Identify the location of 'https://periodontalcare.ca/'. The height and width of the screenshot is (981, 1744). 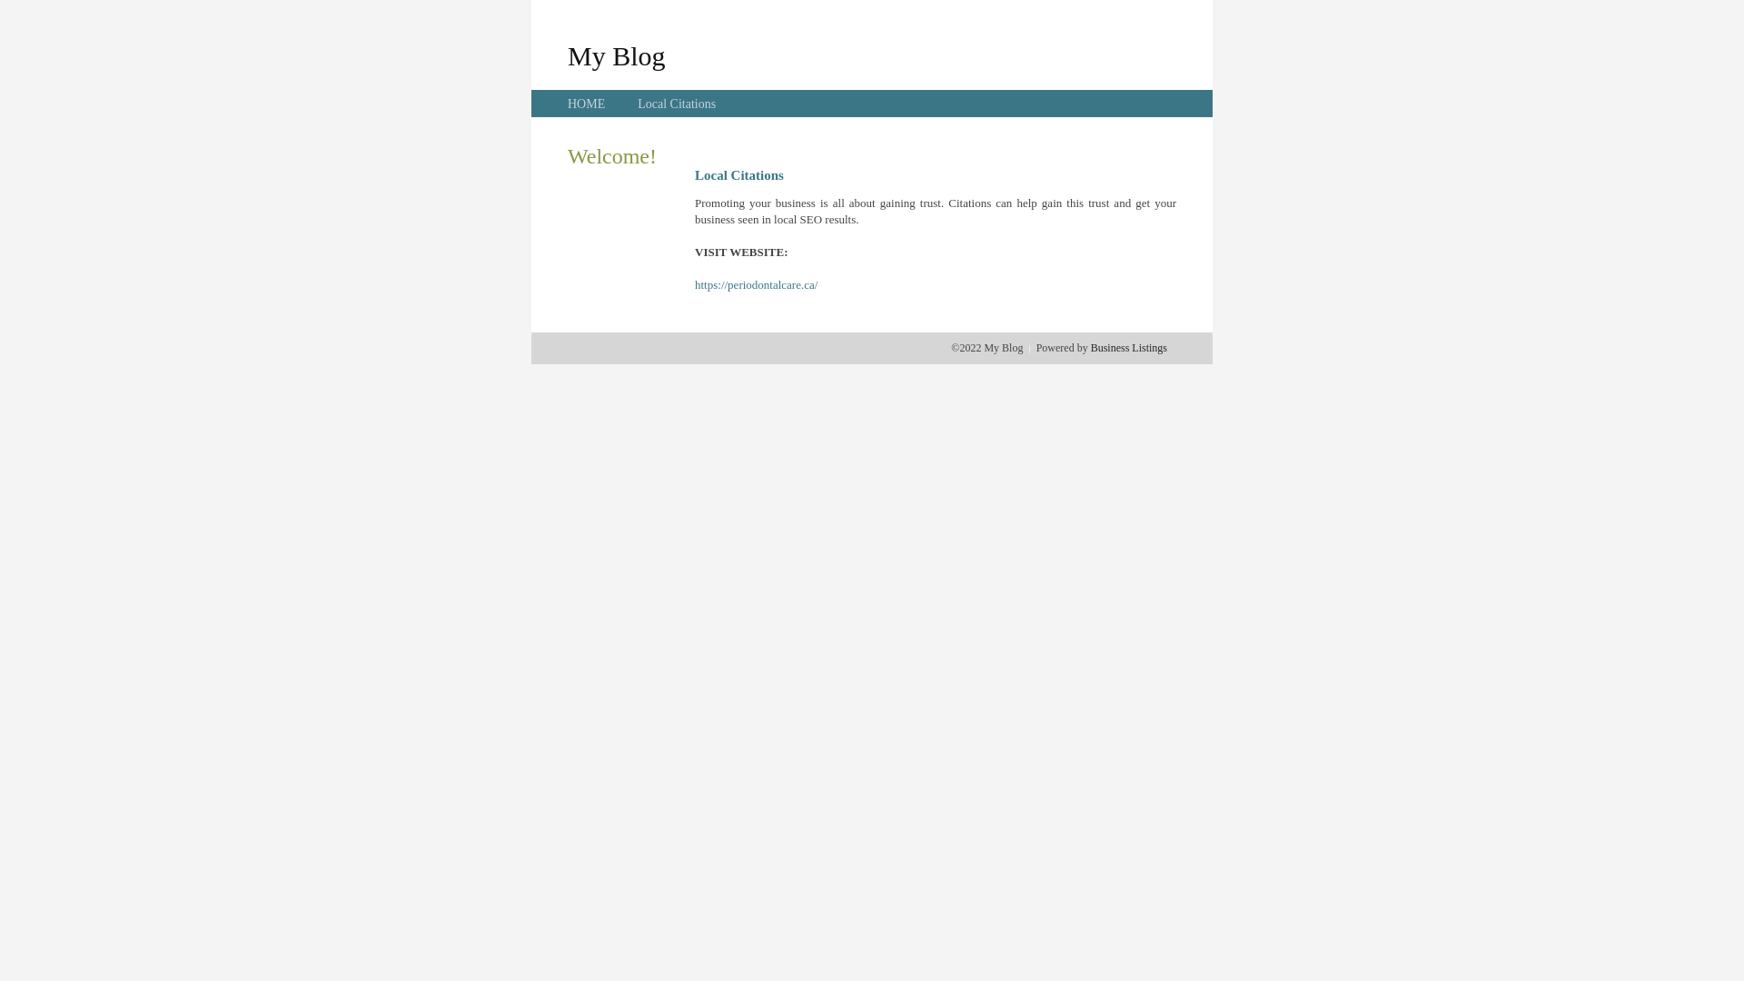
(756, 284).